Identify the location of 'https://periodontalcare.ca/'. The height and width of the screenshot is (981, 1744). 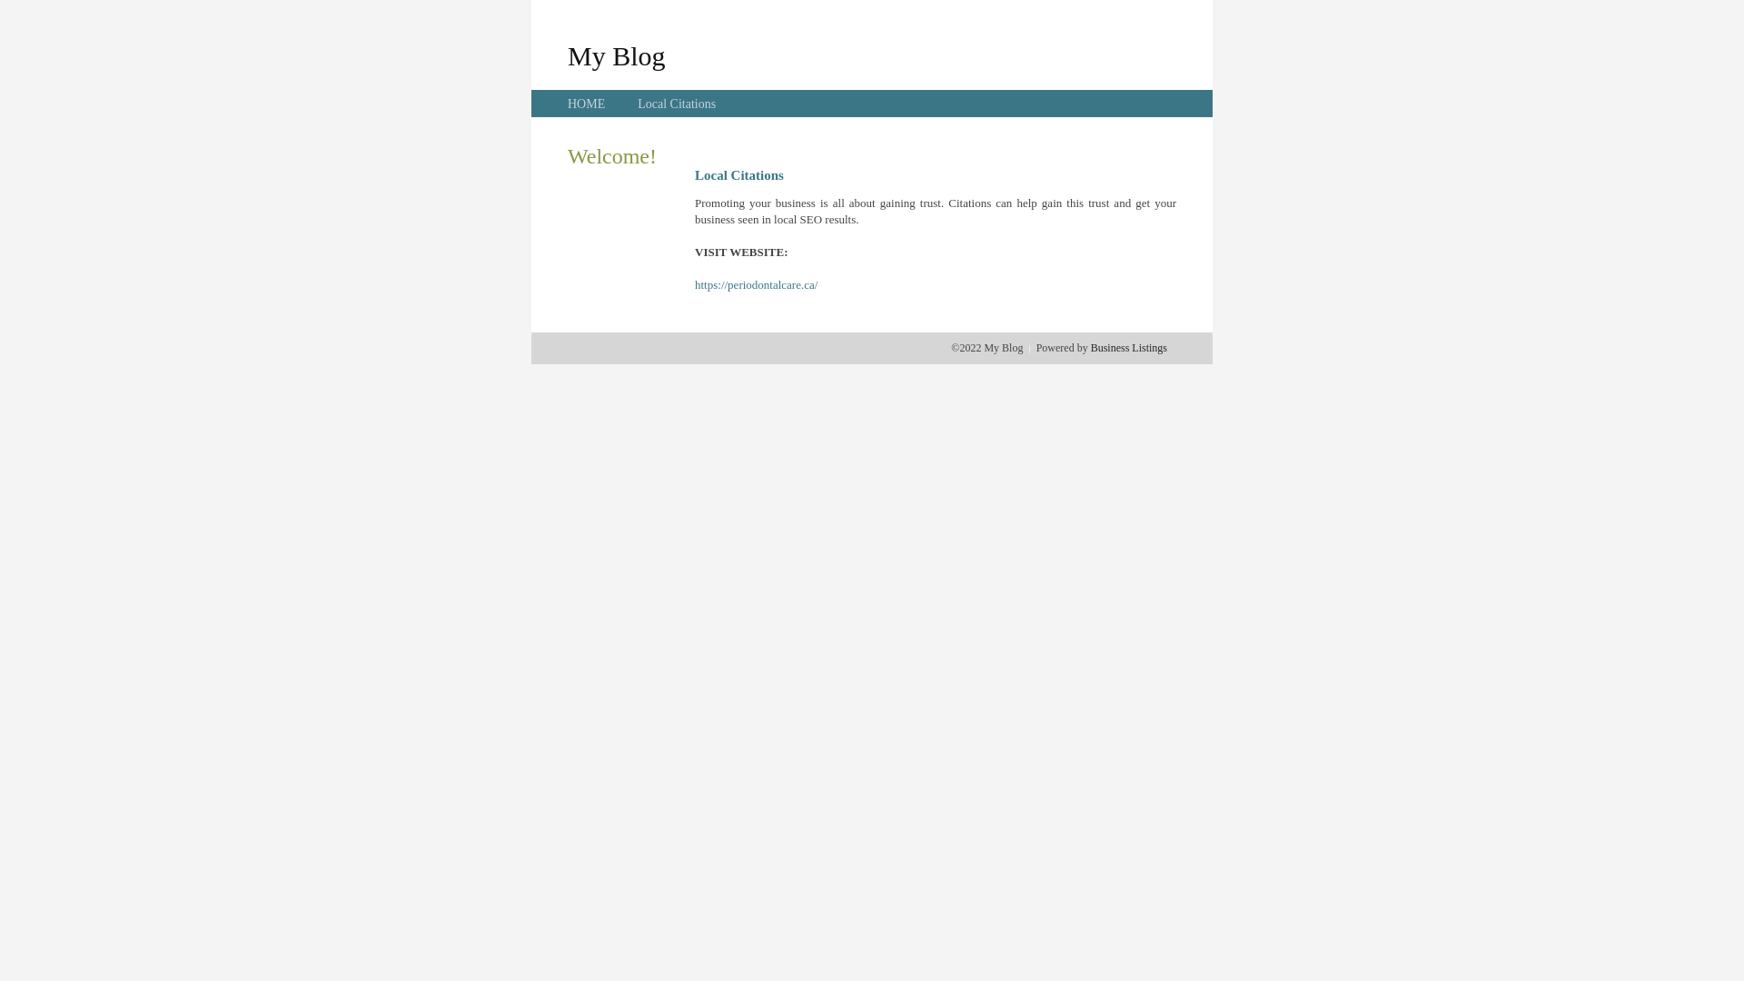
(756, 284).